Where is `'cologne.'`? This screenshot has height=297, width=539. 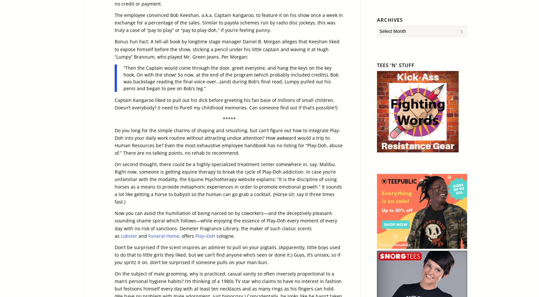 'cologne.' is located at coordinates (225, 235).